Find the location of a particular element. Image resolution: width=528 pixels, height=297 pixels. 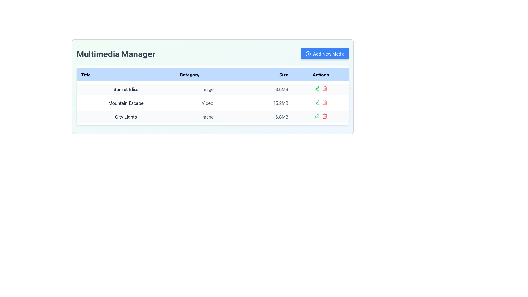

the delete button in the 'Actions' column of the data table for the entry labeled 'City Lights' is located at coordinates (324, 116).